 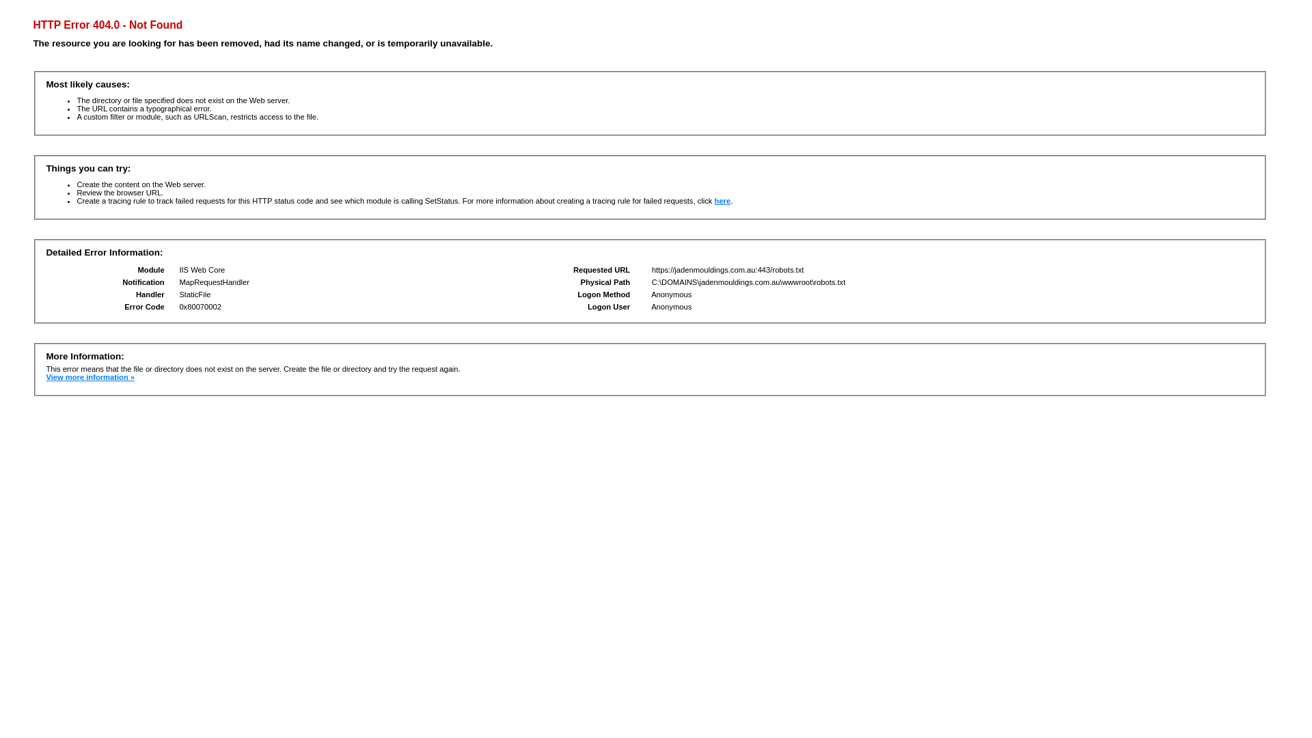 What do you see at coordinates (722, 200) in the screenshot?
I see `'here'` at bounding box center [722, 200].